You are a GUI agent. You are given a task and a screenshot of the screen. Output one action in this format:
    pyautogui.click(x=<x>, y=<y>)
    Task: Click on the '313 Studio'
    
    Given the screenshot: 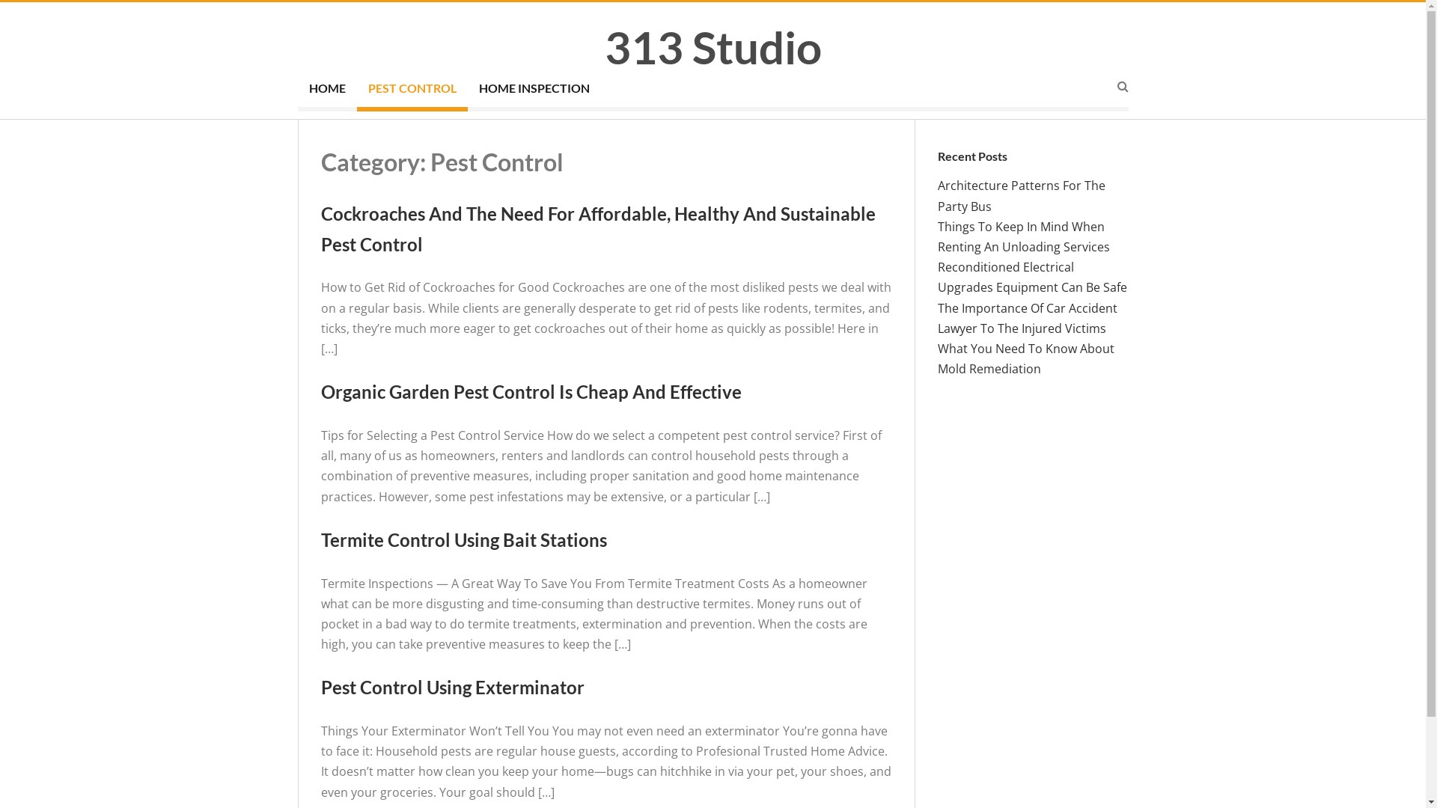 What is the action you would take?
    pyautogui.click(x=713, y=46)
    